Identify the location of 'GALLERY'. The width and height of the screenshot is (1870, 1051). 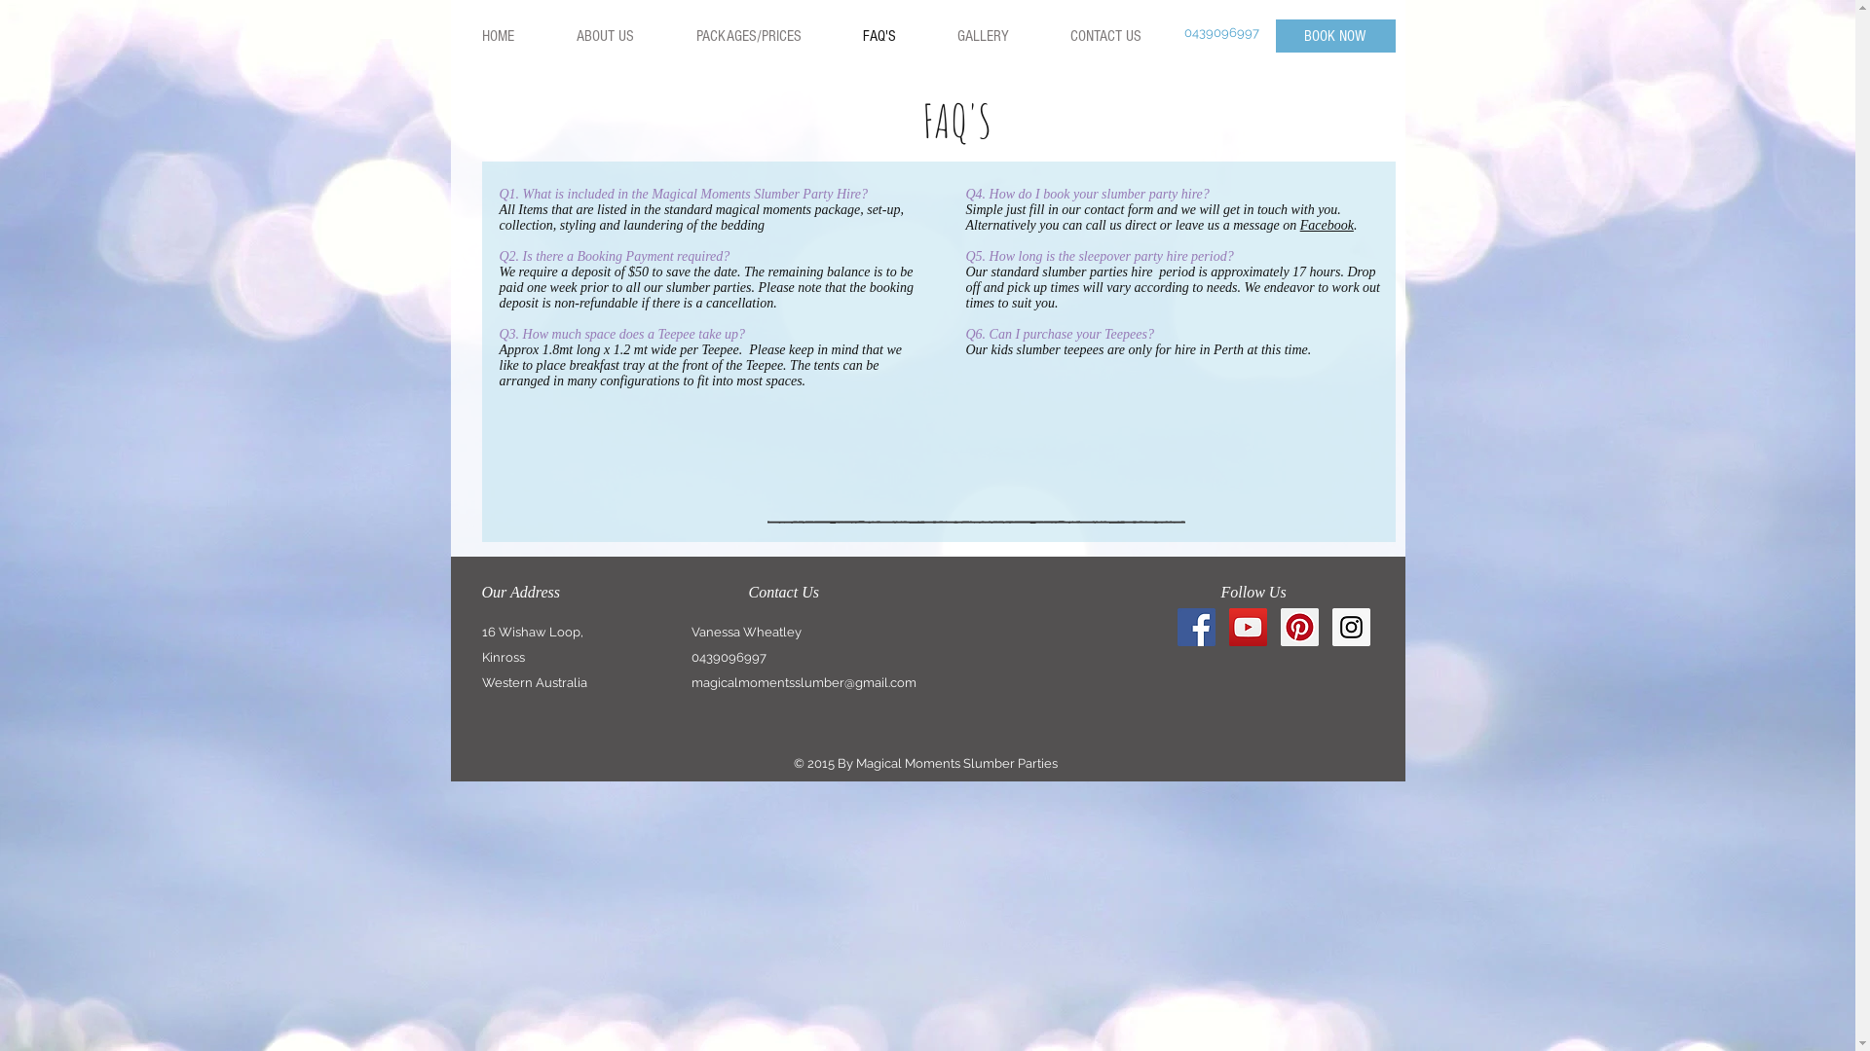
(924, 36).